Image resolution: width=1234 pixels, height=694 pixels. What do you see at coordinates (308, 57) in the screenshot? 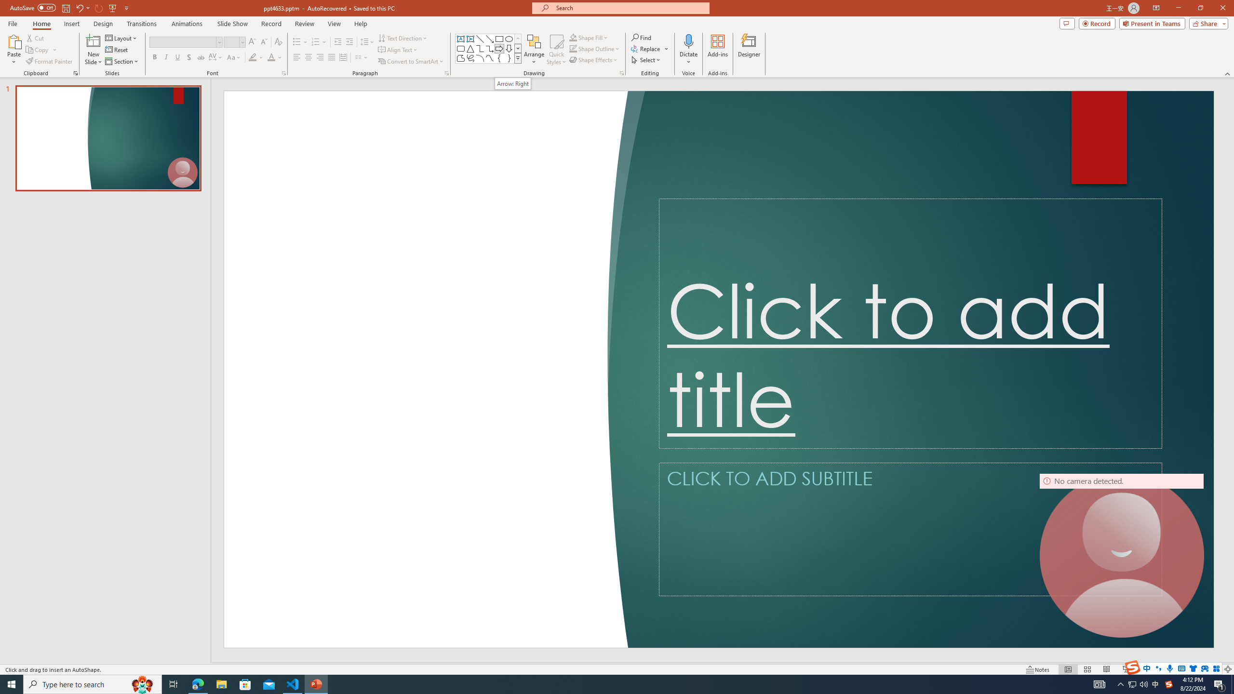
I see `'Center'` at bounding box center [308, 57].